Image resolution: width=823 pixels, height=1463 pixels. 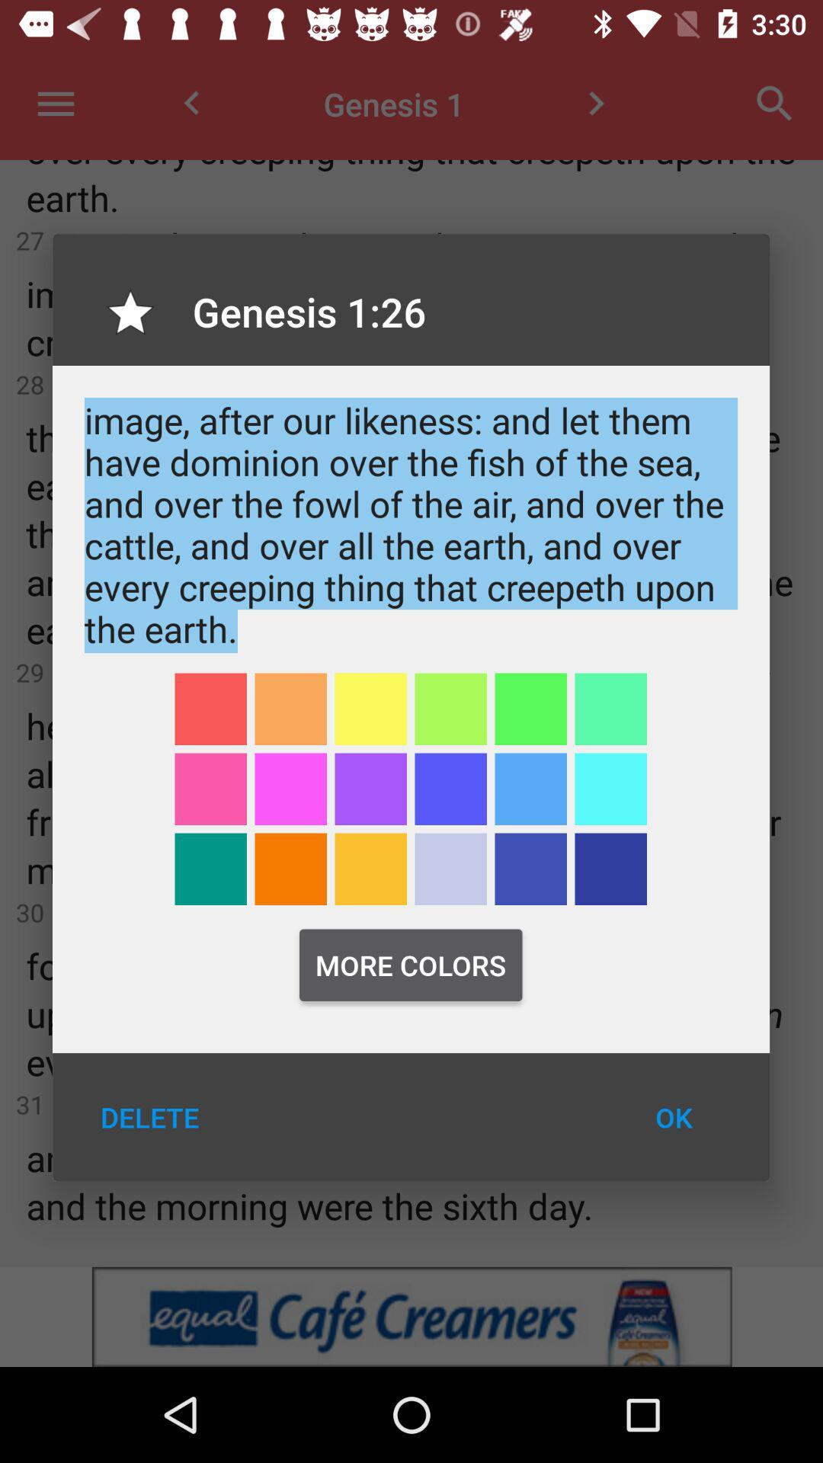 What do you see at coordinates (210, 789) in the screenshot?
I see `color` at bounding box center [210, 789].